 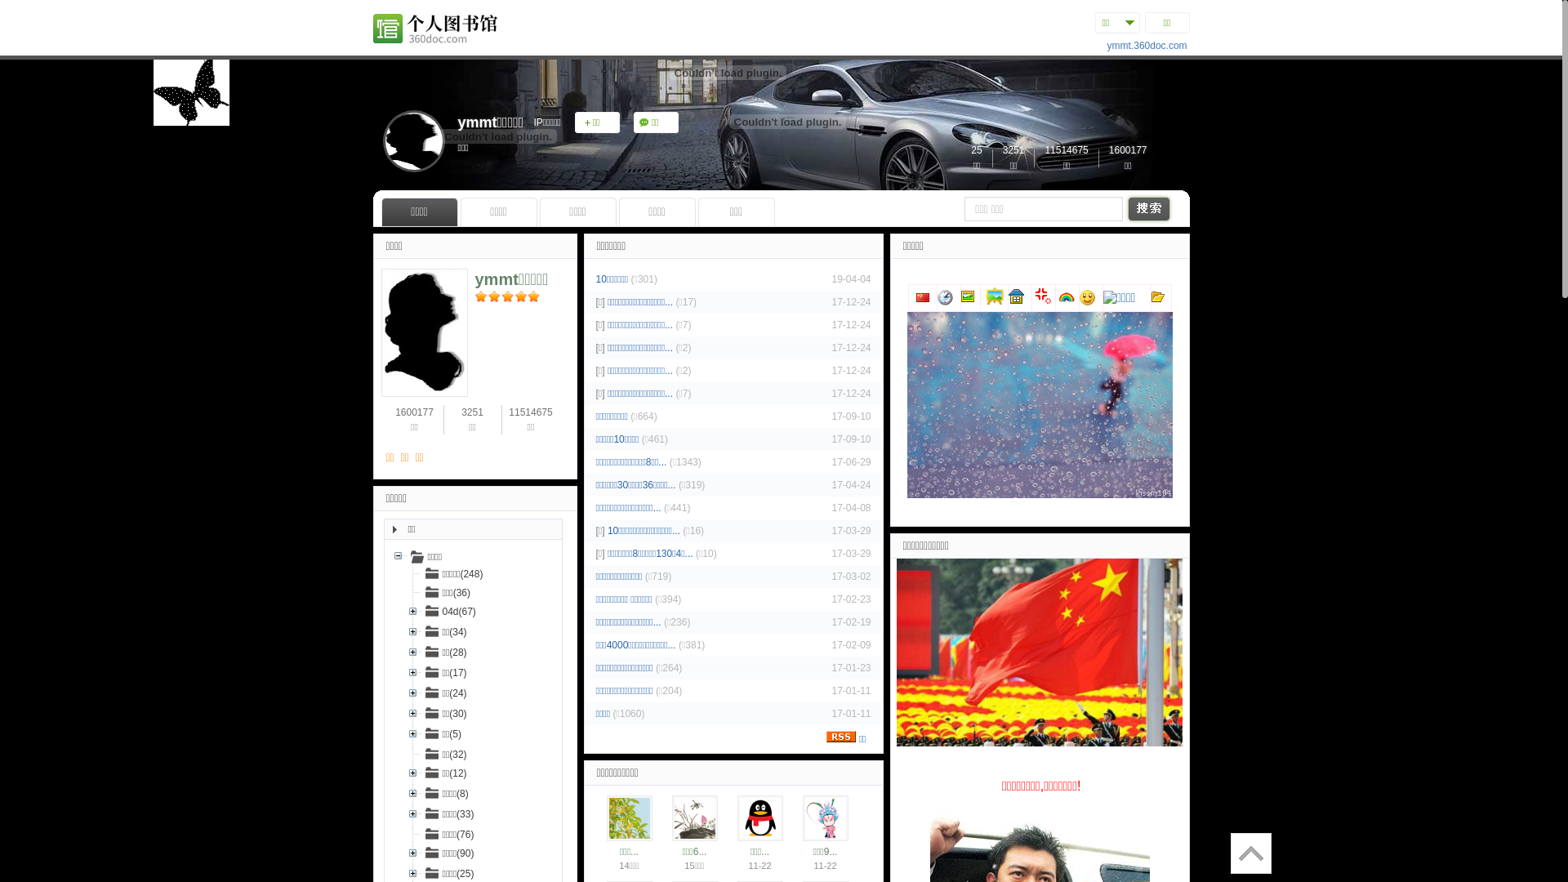 I want to click on '04d(67)', so click(x=451, y=611).